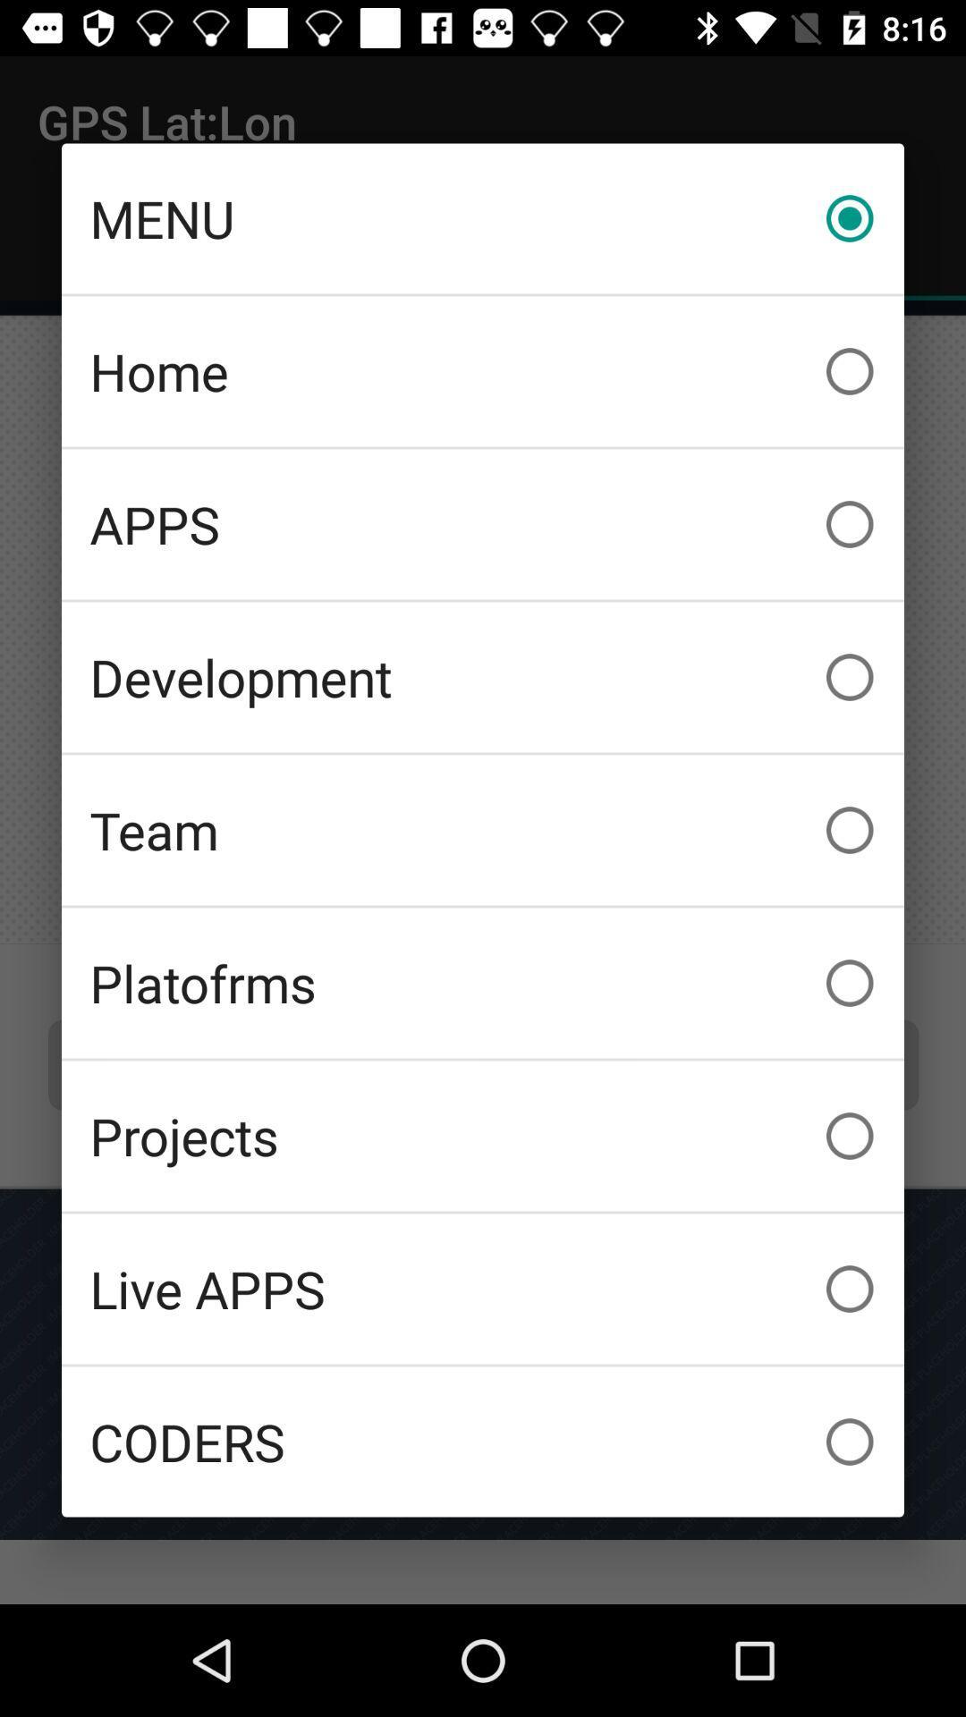 The width and height of the screenshot is (966, 1717). I want to click on projects icon, so click(483, 1135).